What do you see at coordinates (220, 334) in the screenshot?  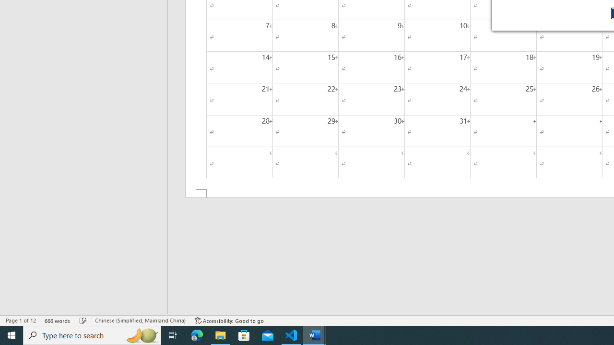 I see `'File Explorer - 1 running window'` at bounding box center [220, 334].